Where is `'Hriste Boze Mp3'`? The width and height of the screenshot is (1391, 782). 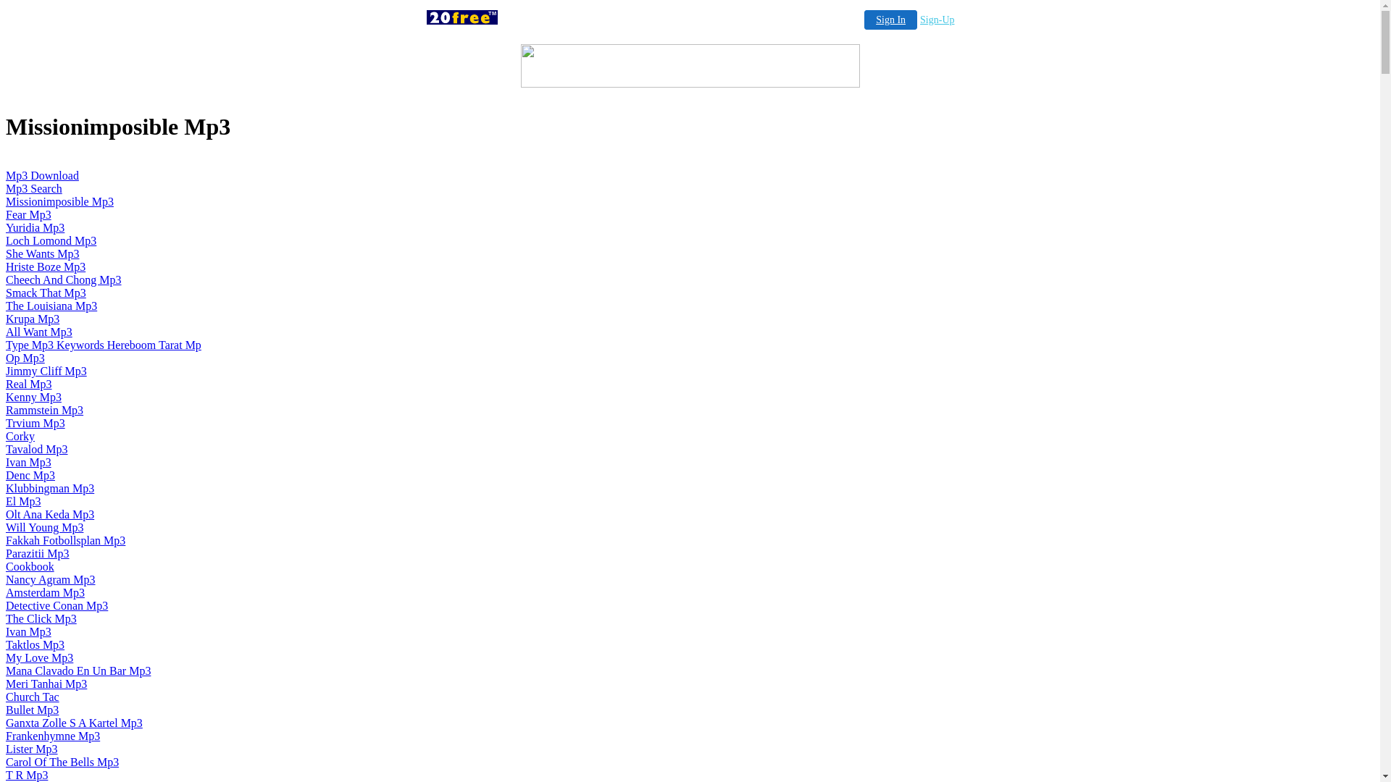 'Hriste Boze Mp3' is located at coordinates (45, 266).